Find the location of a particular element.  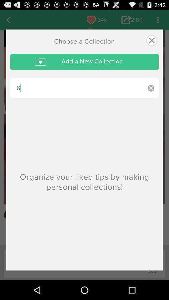

item above the organize your liked icon is located at coordinates (151, 88).